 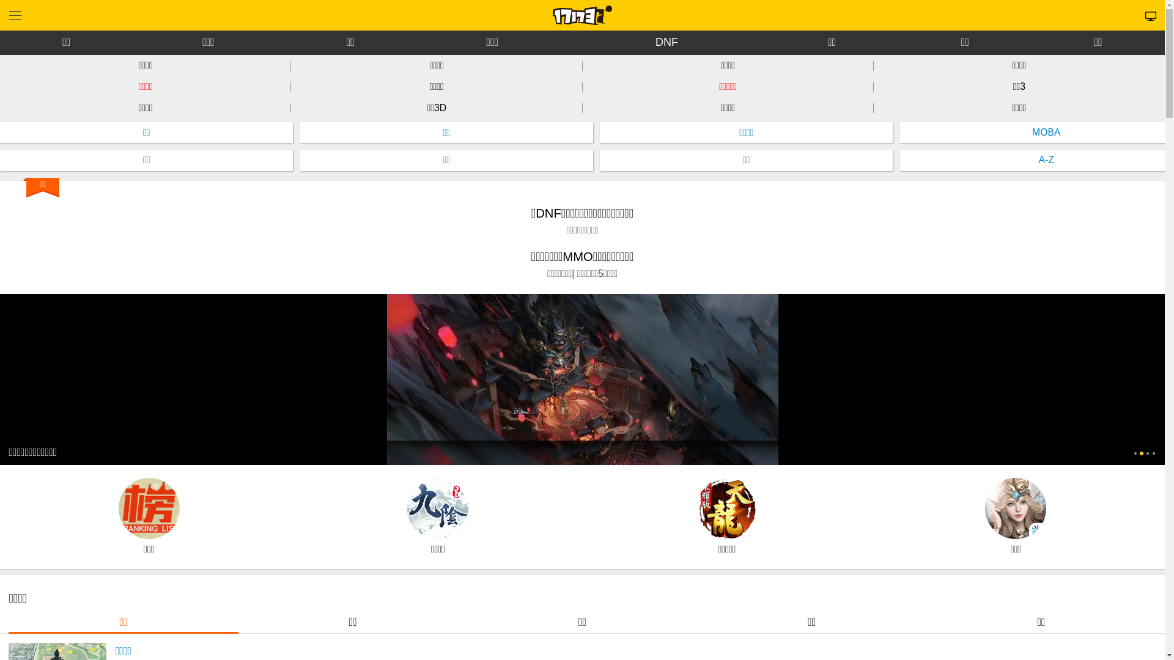 I want to click on 'DNF', so click(x=666, y=42).